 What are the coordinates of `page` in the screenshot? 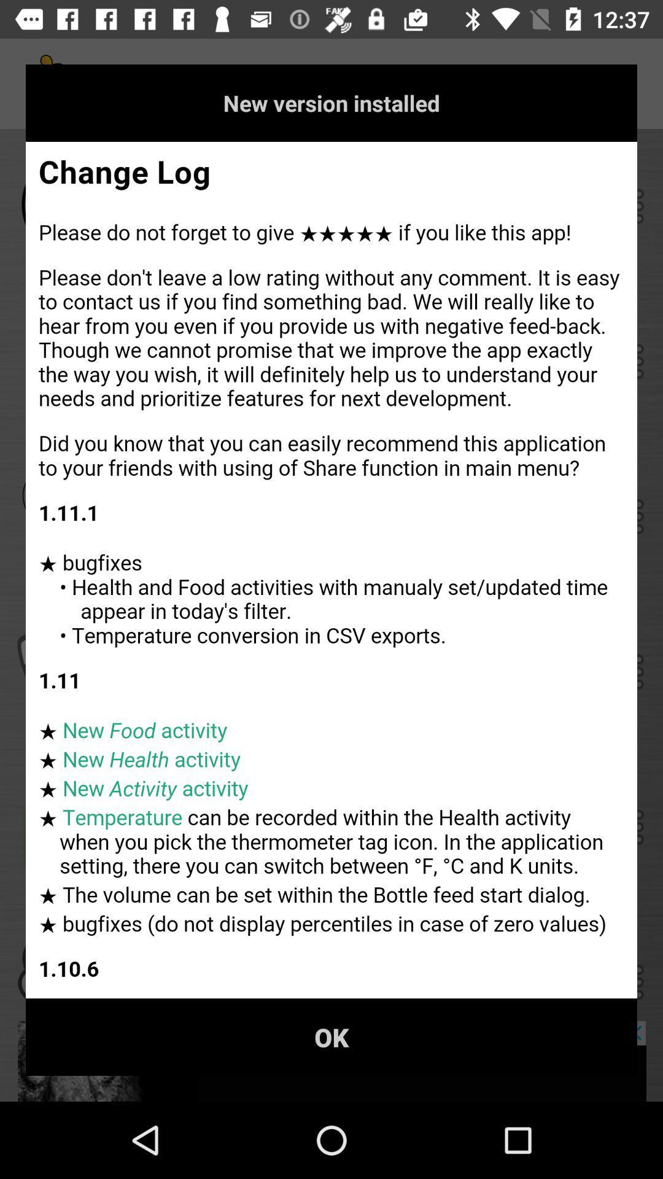 It's located at (331, 569).